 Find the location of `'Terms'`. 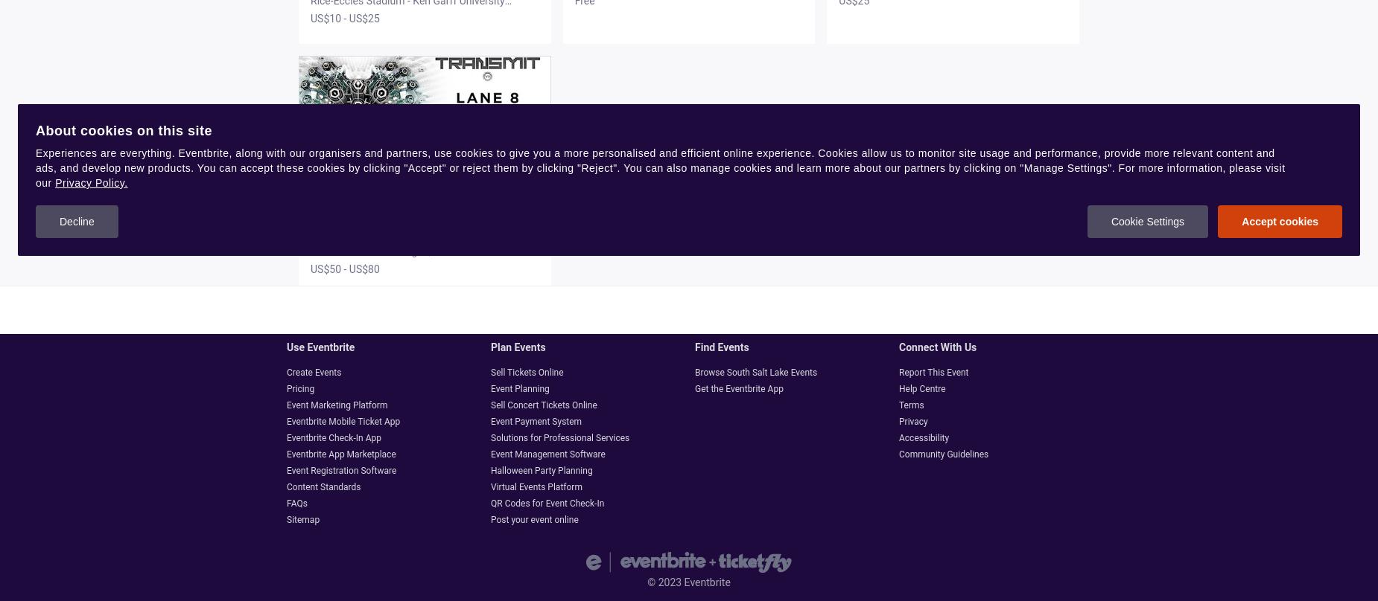

'Terms' is located at coordinates (910, 404).